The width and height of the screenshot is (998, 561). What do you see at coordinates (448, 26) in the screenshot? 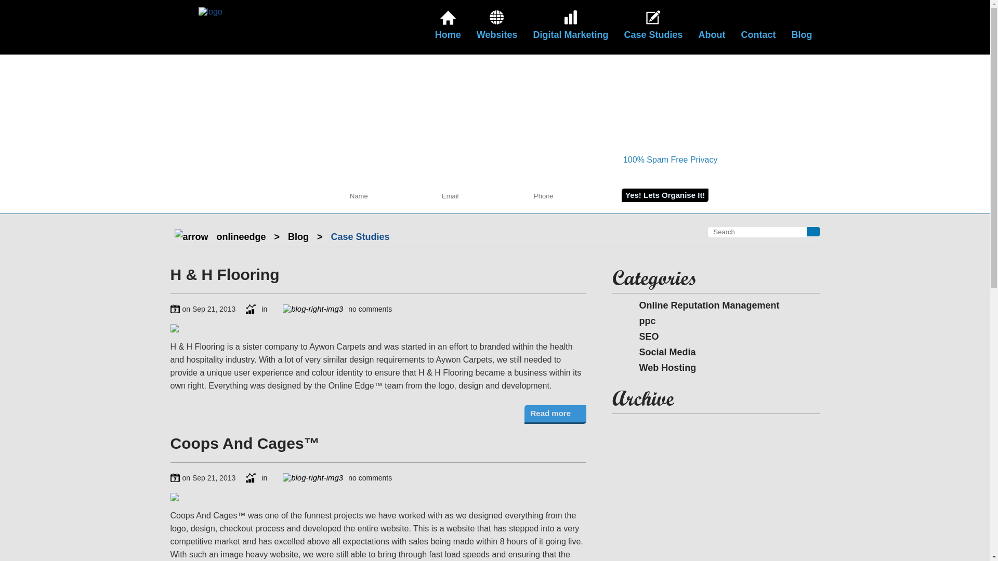
I see `'Home'` at bounding box center [448, 26].